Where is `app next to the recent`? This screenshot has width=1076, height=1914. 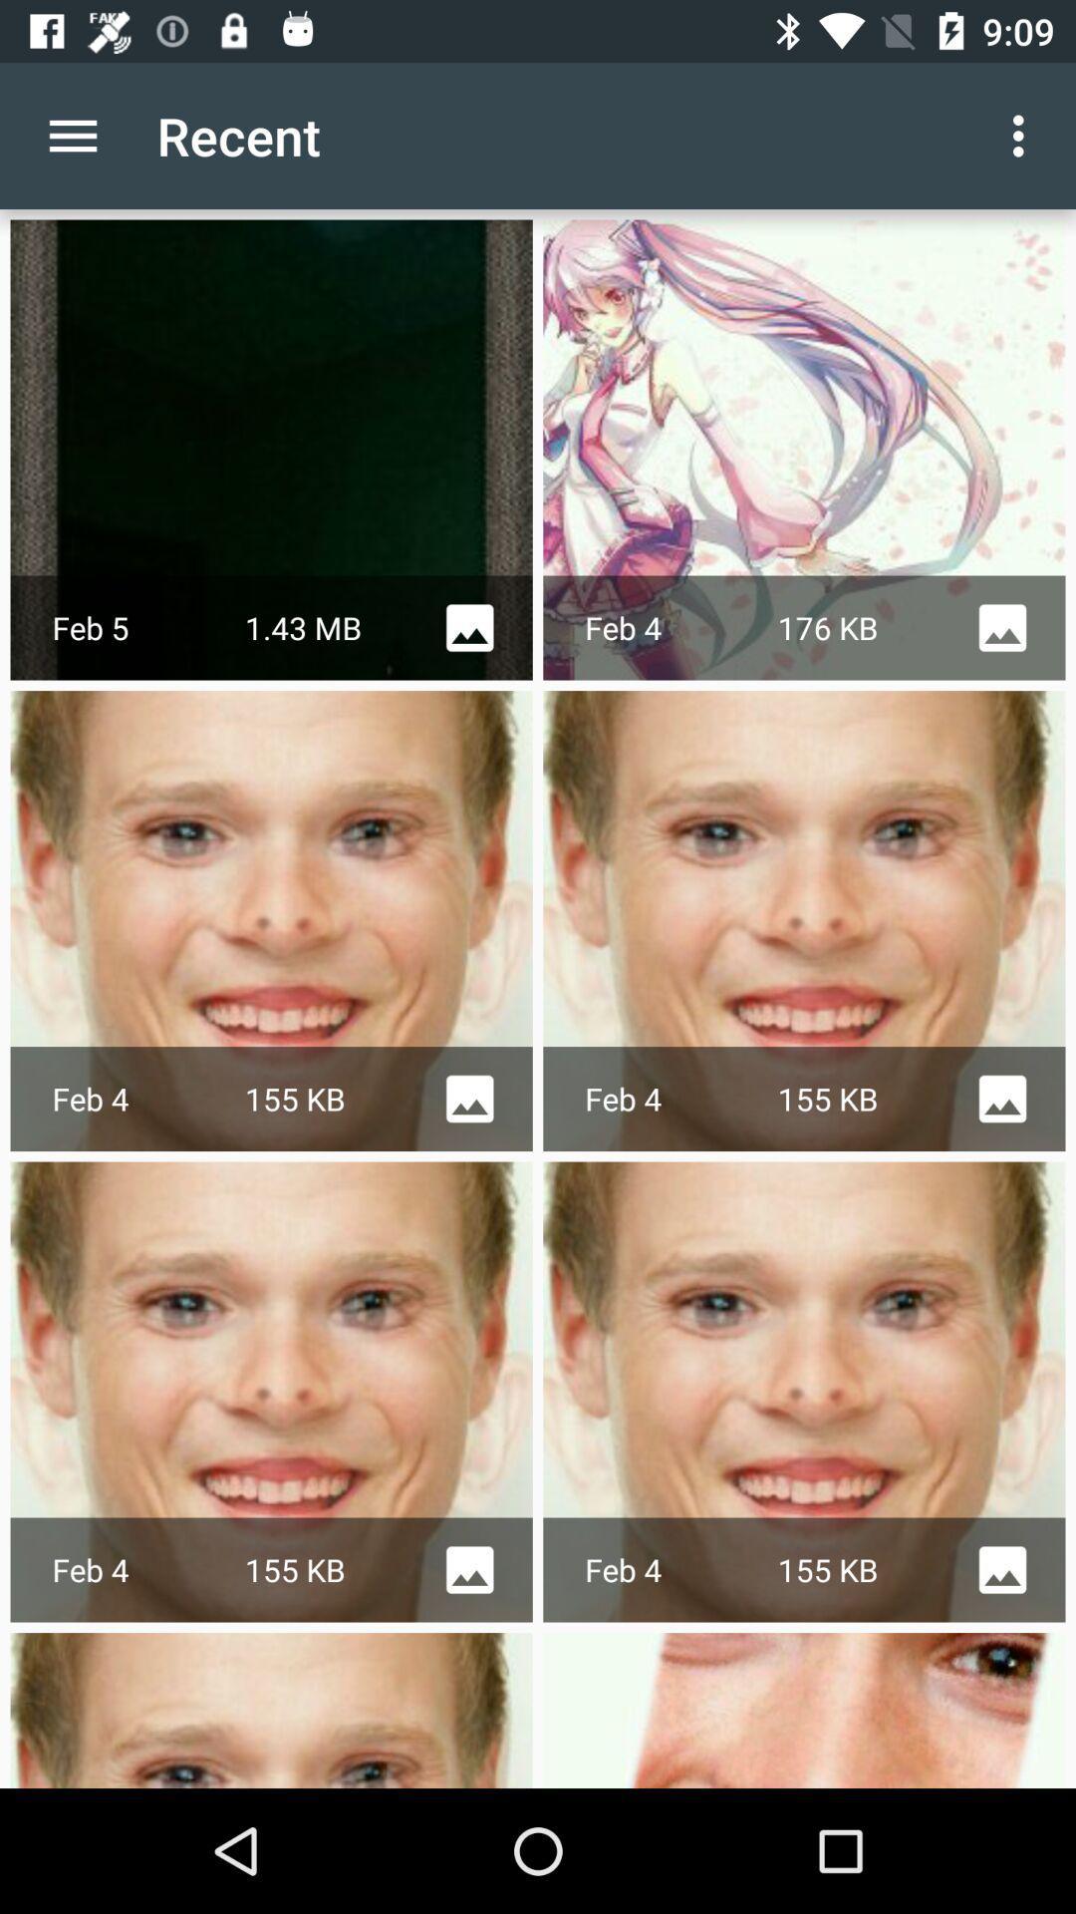 app next to the recent is located at coordinates (72, 135).